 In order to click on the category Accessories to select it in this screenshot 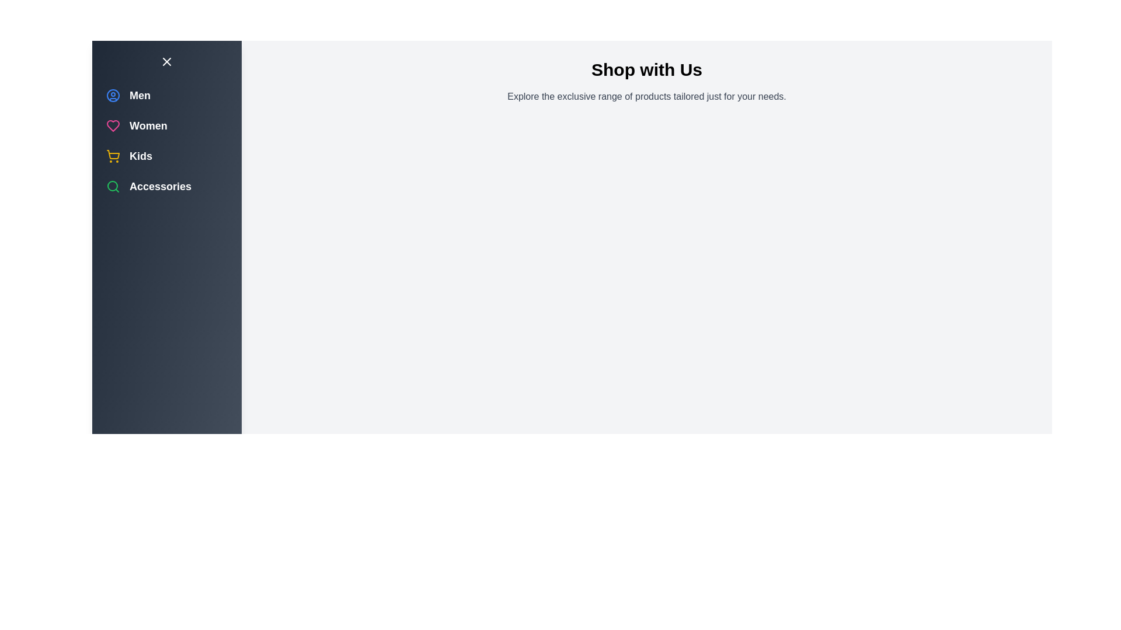, I will do `click(113, 186)`.